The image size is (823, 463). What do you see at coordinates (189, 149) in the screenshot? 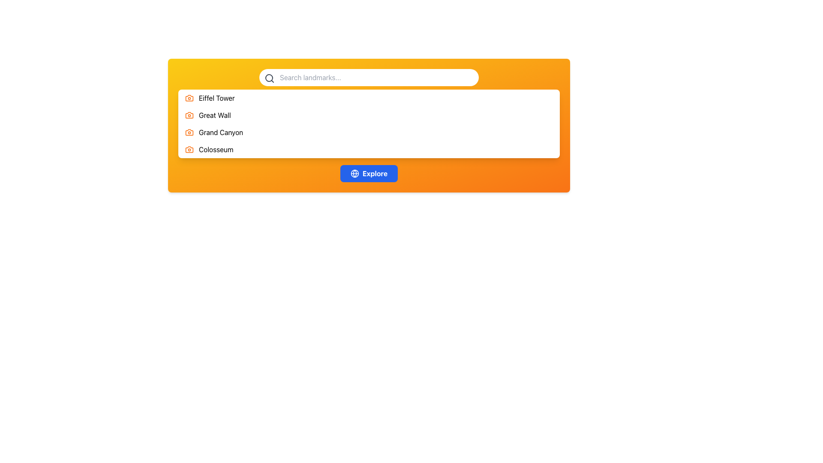
I see `the camera icon representing the 'Colosseum' item in the dropdown menu, which is visually located to the far left of the text 'Colosseum.'` at bounding box center [189, 149].